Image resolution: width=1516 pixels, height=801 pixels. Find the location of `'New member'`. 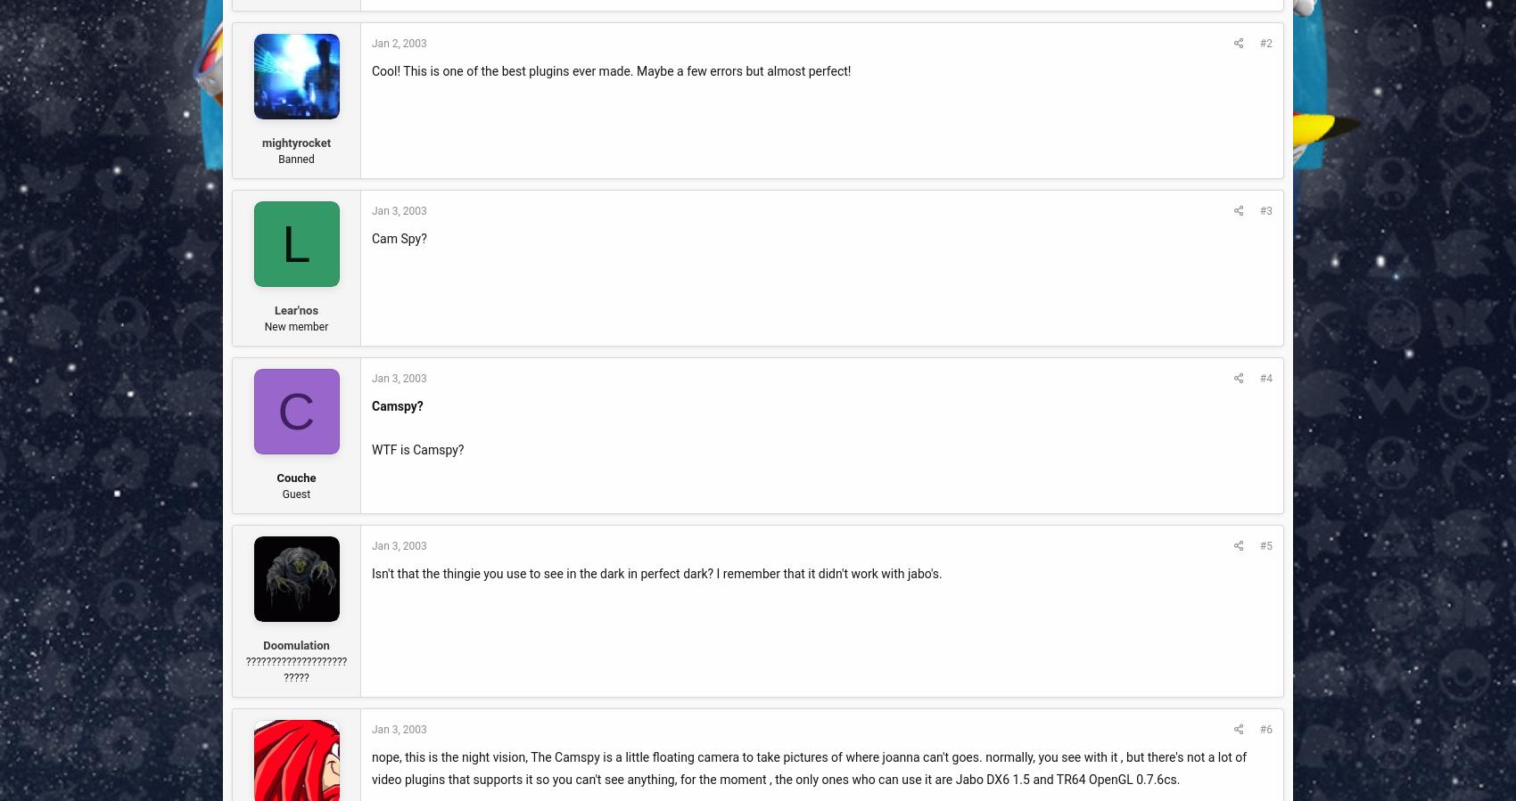

'New member' is located at coordinates (263, 325).